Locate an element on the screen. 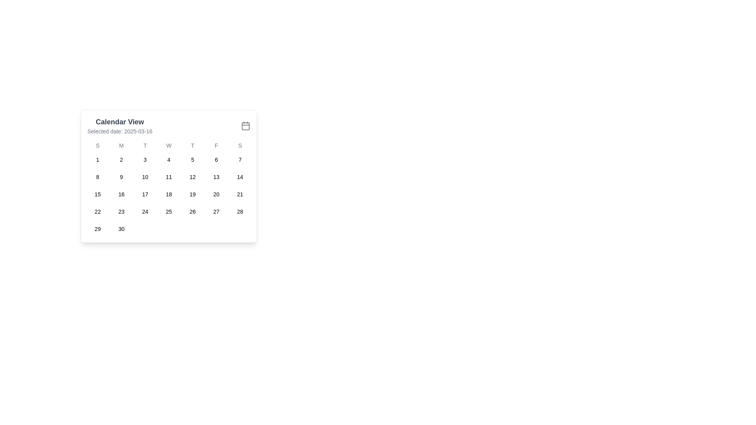 The width and height of the screenshot is (756, 425). the clickable date cell displaying the number '21', located in the seventh column and fourth row of the calendar grid is located at coordinates (239, 194).